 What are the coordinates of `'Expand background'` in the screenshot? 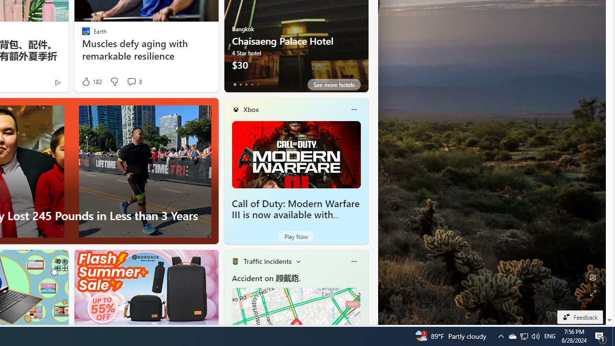 It's located at (592, 293).